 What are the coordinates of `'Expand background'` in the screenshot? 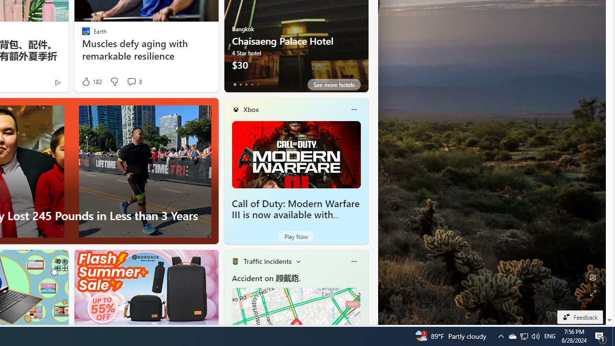 It's located at (592, 293).